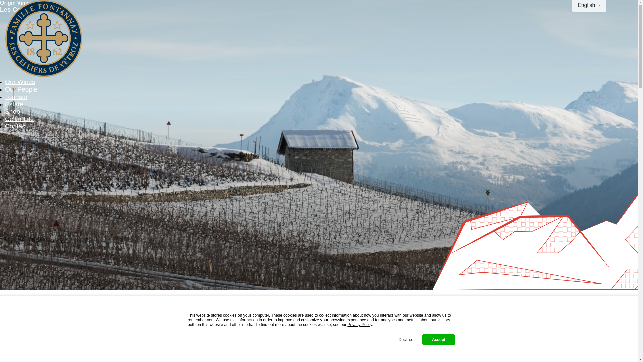 The width and height of the screenshot is (643, 362). Describe the element at coordinates (5, 111) in the screenshot. I see `'Shop'` at that location.